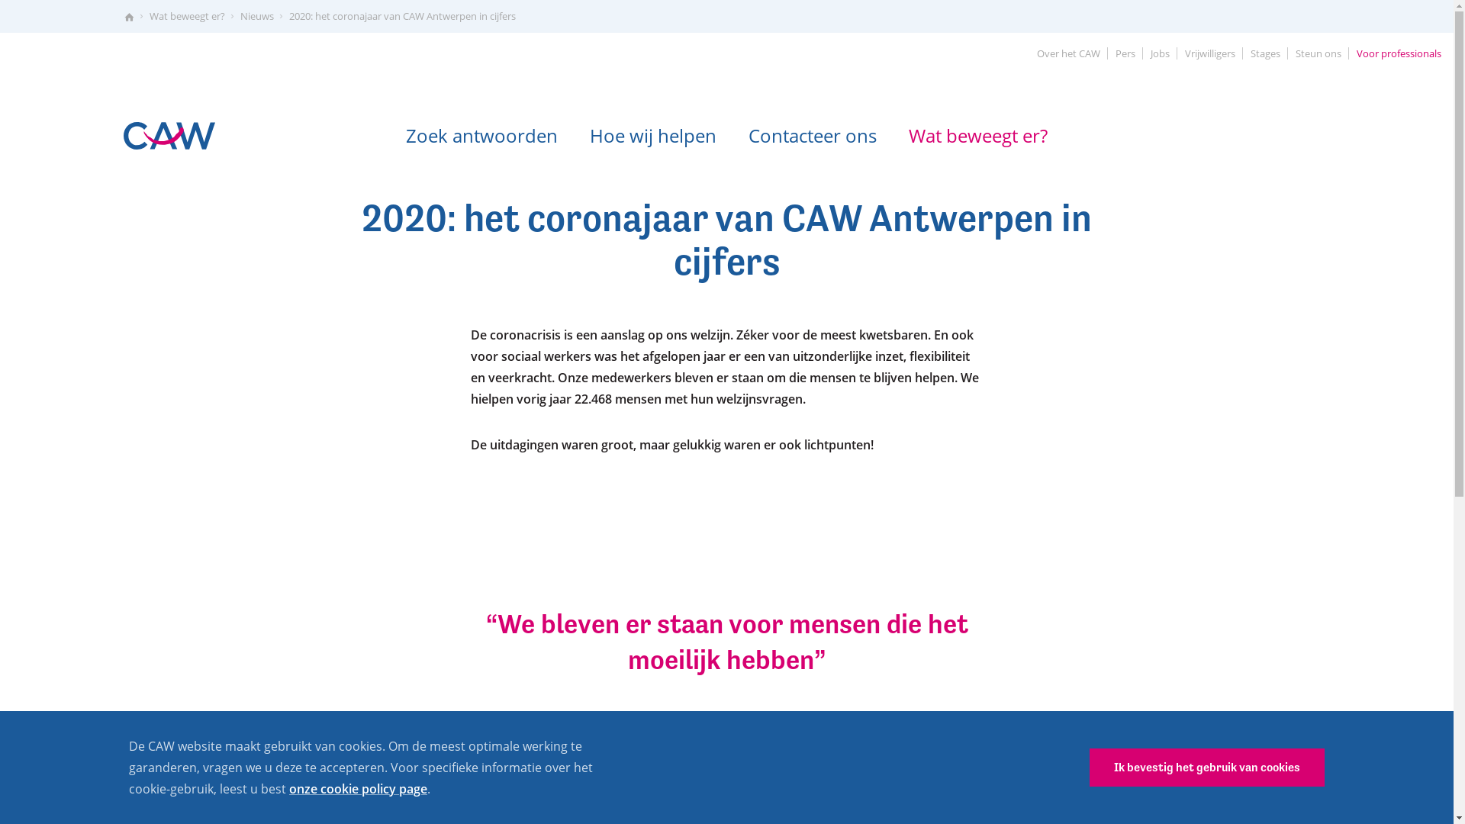  Describe the element at coordinates (977, 134) in the screenshot. I see `'Wat beweegt er?'` at that location.